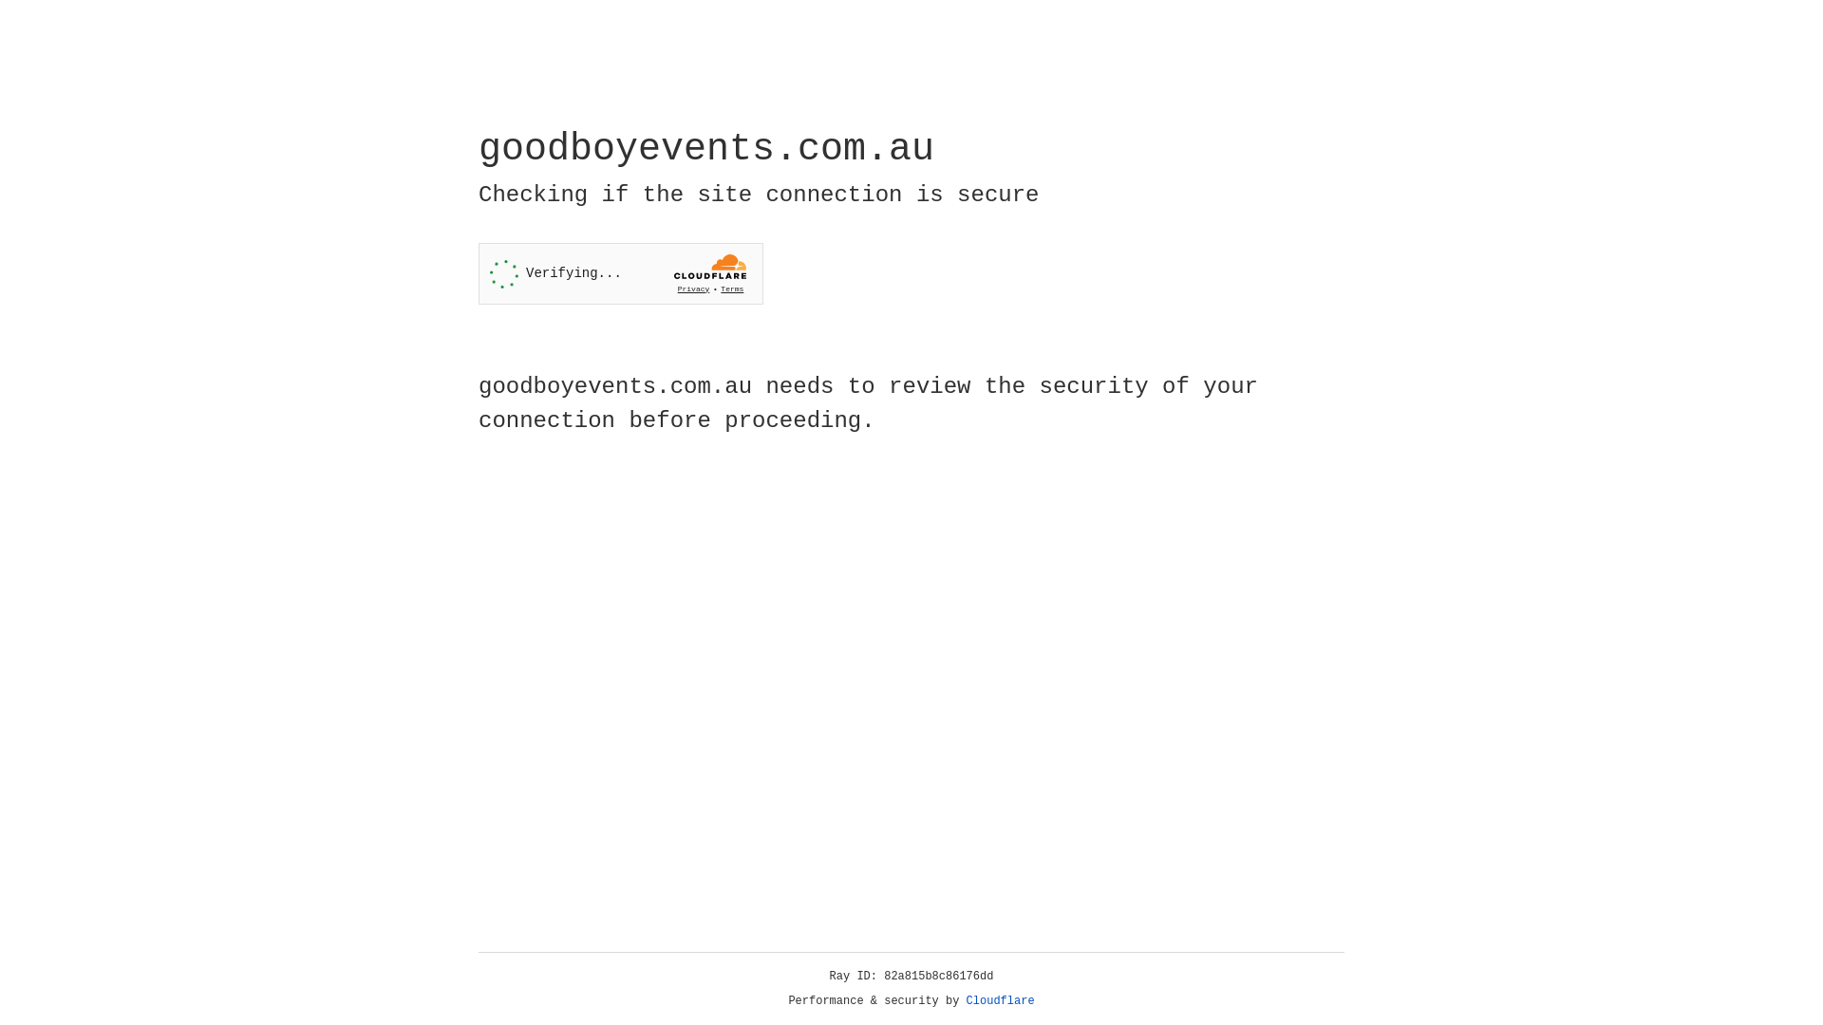 The width and height of the screenshot is (1823, 1025). I want to click on 'Cloudflare', so click(1000, 1000).